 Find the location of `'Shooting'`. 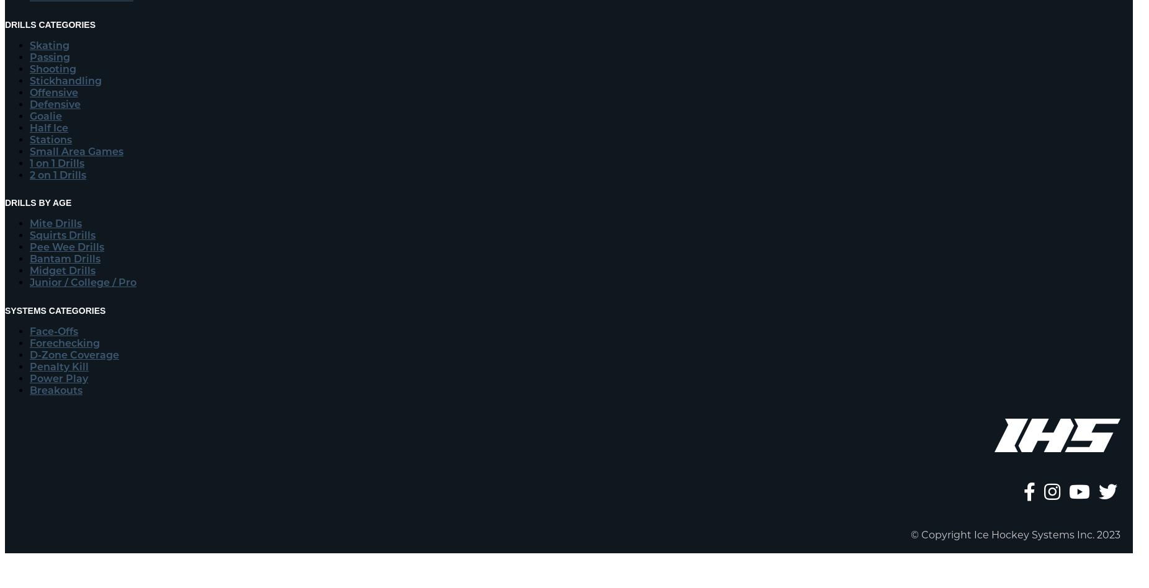

'Shooting' is located at coordinates (29, 68).